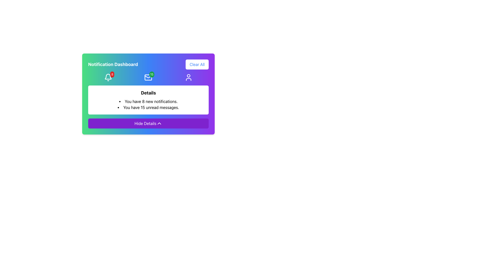 The height and width of the screenshot is (270, 481). I want to click on the title text label of the notification management interface, which is positioned to the left of the 'Clear All' button, so click(113, 64).